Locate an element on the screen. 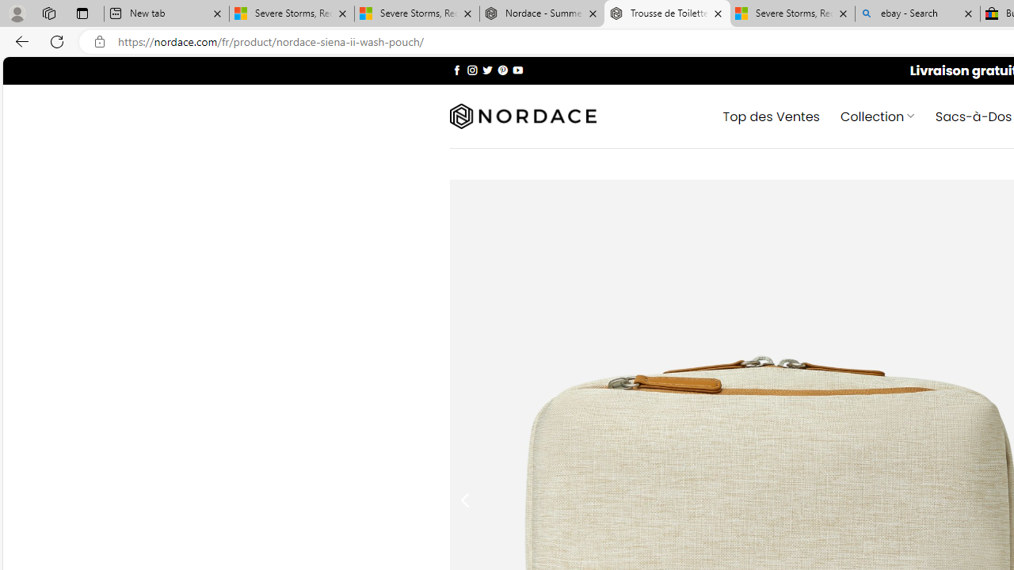 This screenshot has width=1014, height=570. 'Nous suivre sur Facebook' is located at coordinates (456, 69).